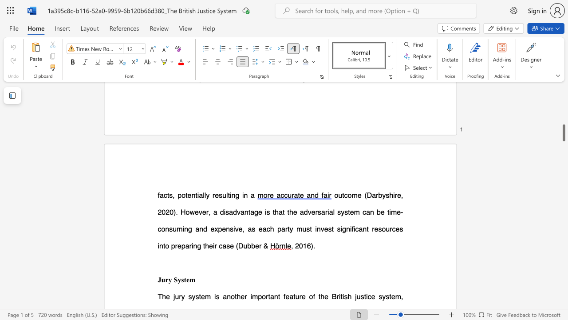 This screenshot has height=320, width=568. What do you see at coordinates (237, 246) in the screenshot?
I see `the 1th character "(" in the text` at bounding box center [237, 246].